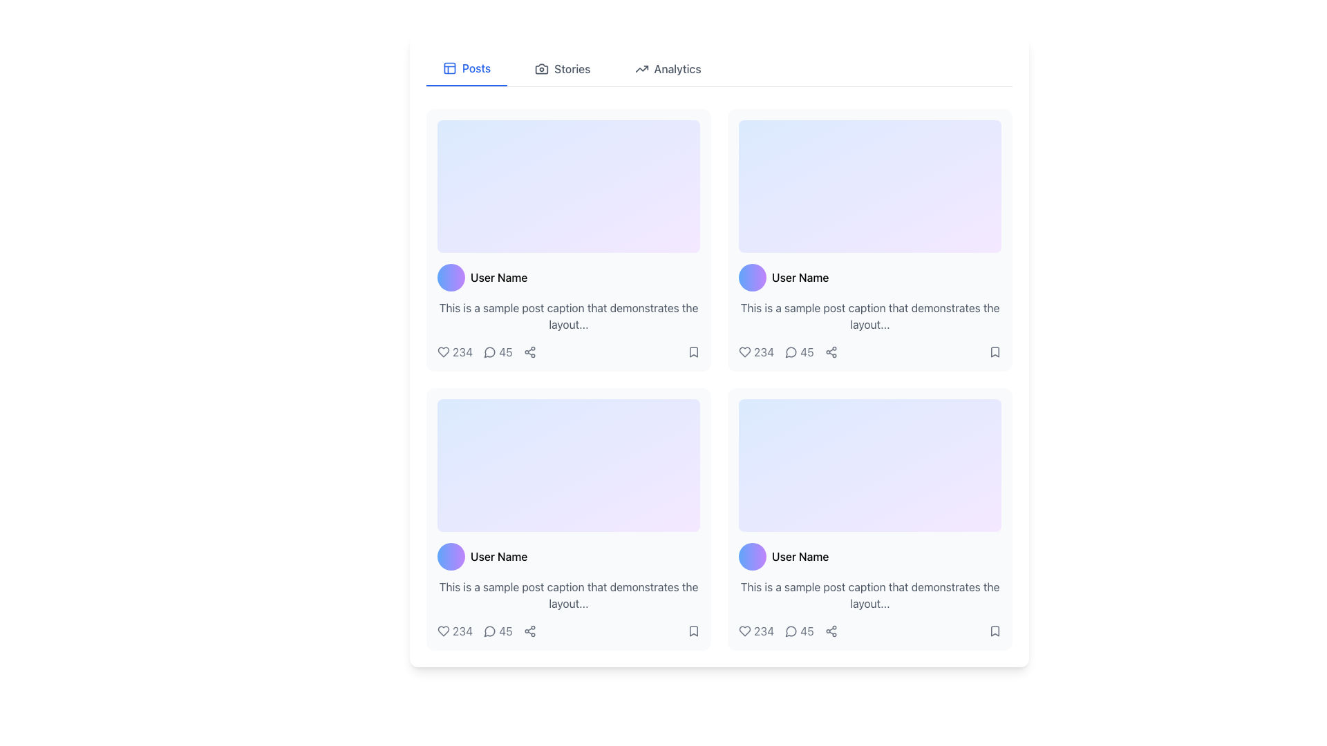 This screenshot has height=746, width=1327. What do you see at coordinates (744, 631) in the screenshot?
I see `the heart outline icon in the bottom left of the second post to like the post` at bounding box center [744, 631].